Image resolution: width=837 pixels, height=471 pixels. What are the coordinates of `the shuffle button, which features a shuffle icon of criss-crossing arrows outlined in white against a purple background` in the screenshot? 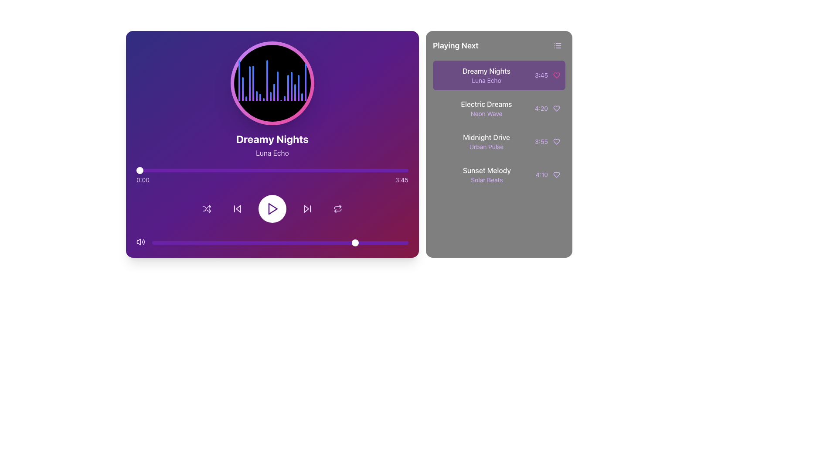 It's located at (207, 208).